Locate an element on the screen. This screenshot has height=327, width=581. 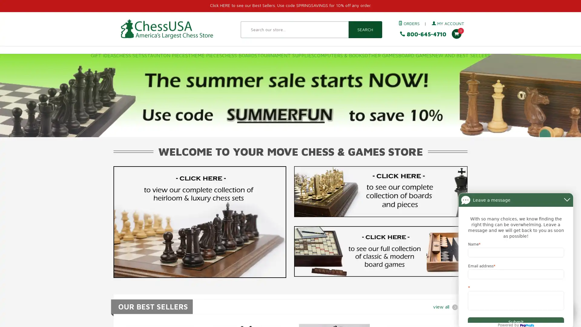
SEARCH is located at coordinates (365, 29).